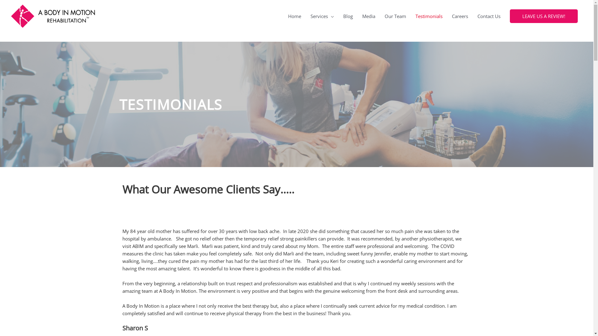  Describe the element at coordinates (395, 16) in the screenshot. I see `'Our Team'` at that location.